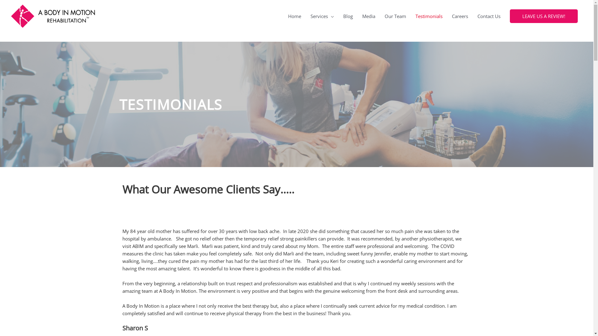  Describe the element at coordinates (395, 16) in the screenshot. I see `'Our Team'` at that location.